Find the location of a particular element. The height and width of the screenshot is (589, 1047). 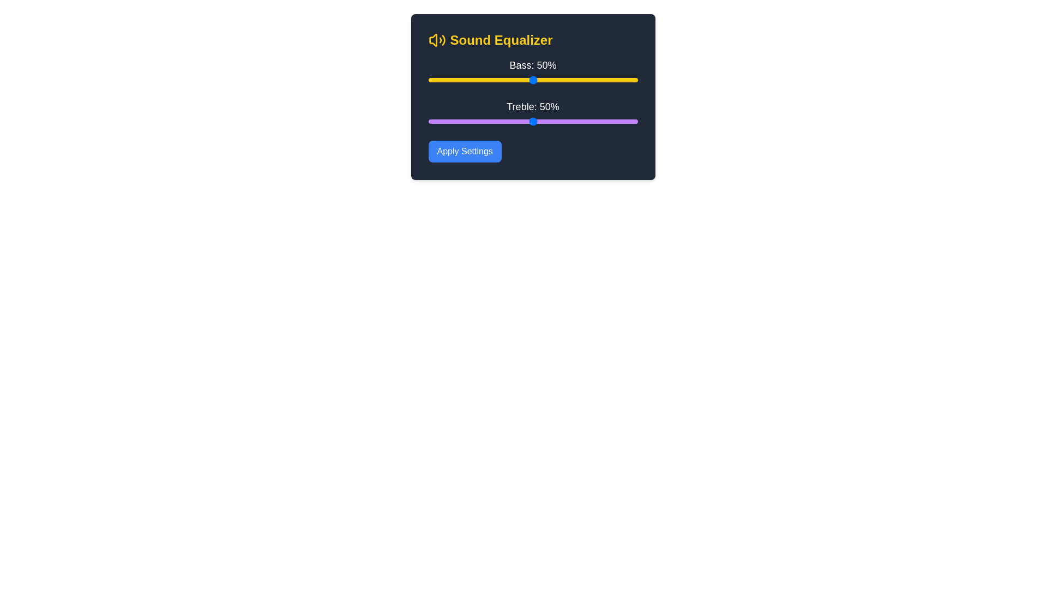

the bass level to 82% using the slider is located at coordinates (599, 79).